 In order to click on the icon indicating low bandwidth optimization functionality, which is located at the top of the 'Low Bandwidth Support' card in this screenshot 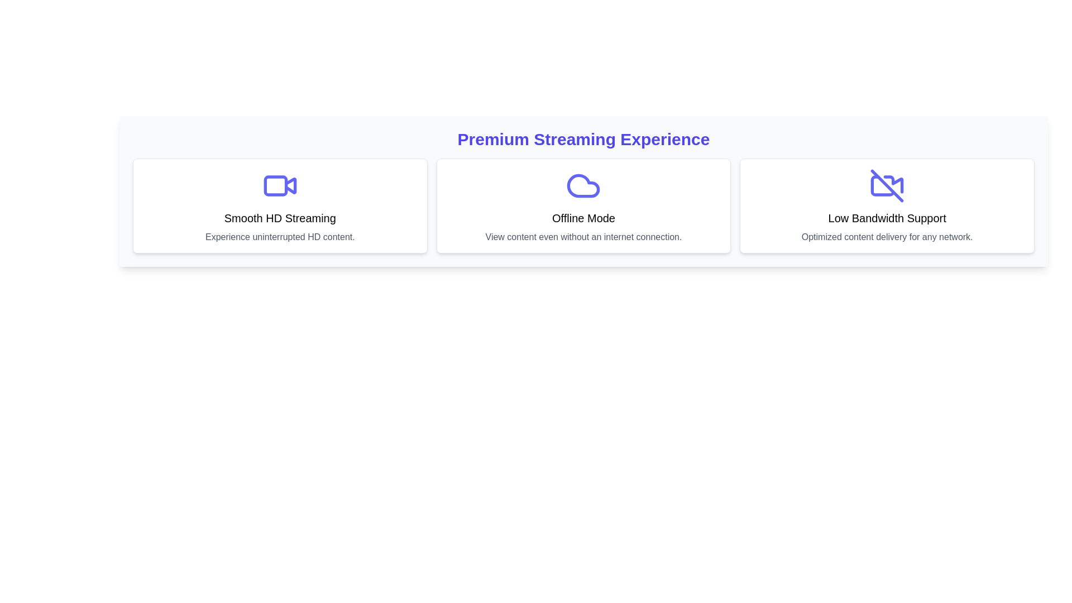, I will do `click(887, 185)`.